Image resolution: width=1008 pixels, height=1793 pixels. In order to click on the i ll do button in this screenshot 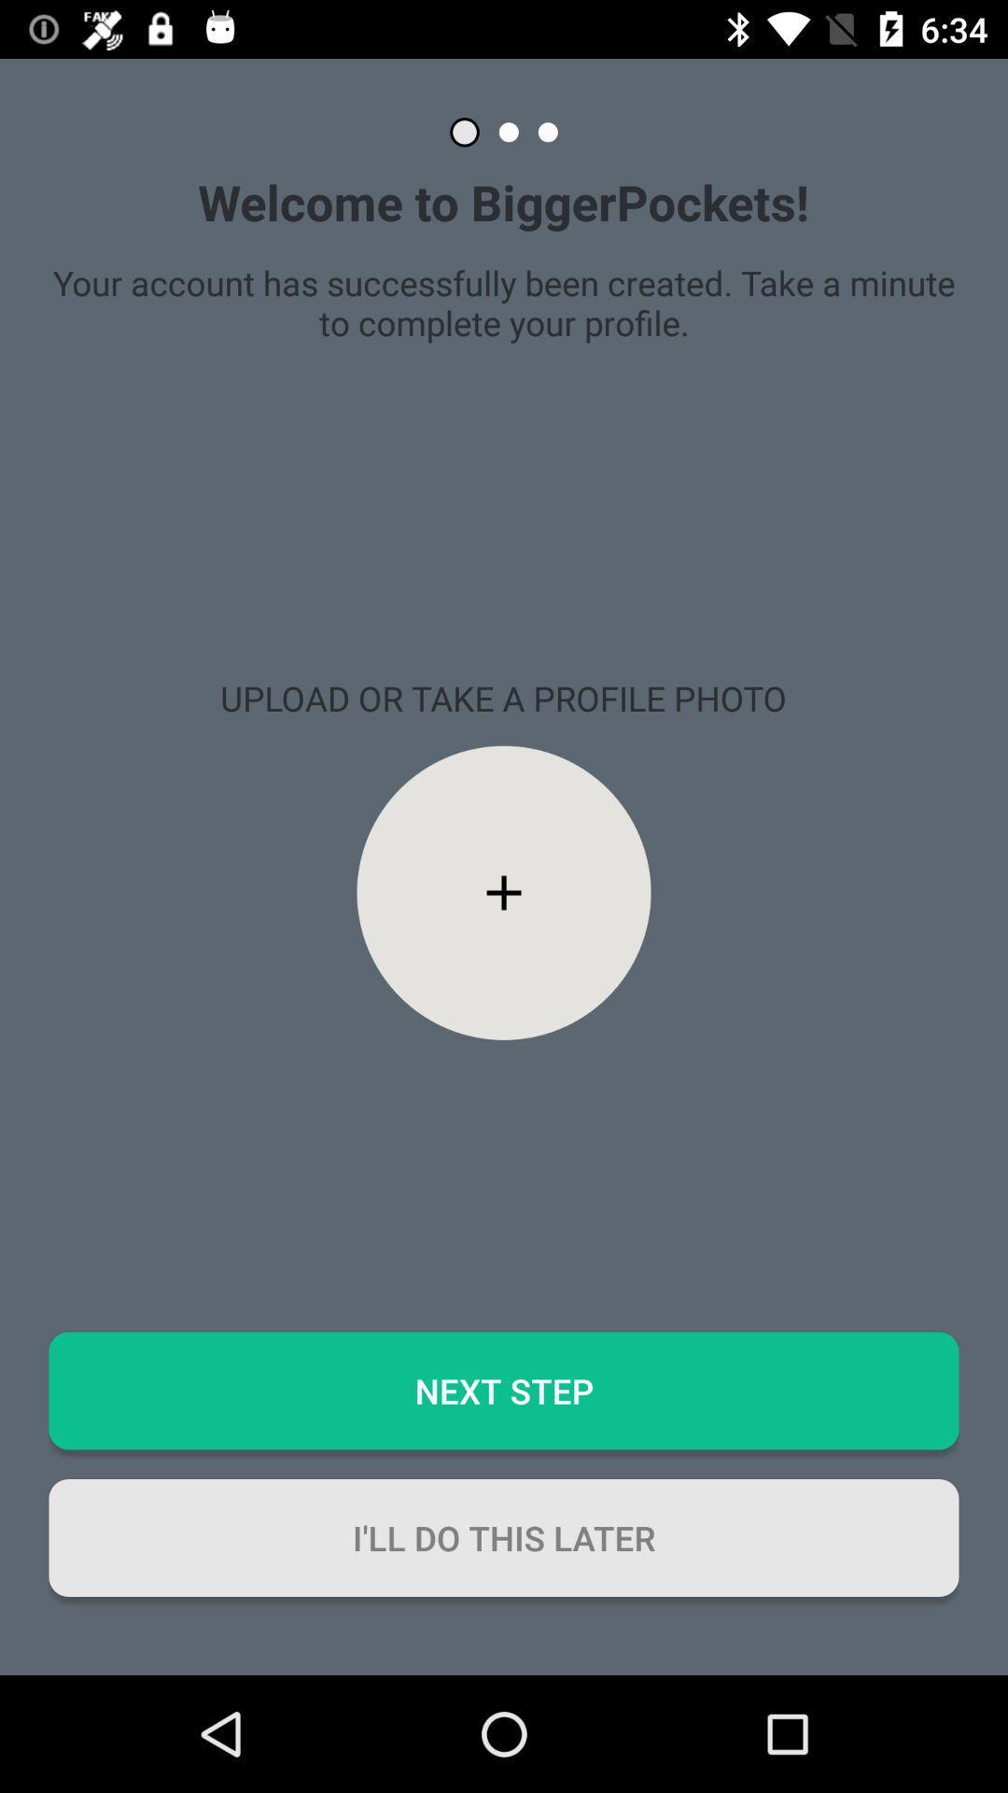, I will do `click(504, 1537)`.